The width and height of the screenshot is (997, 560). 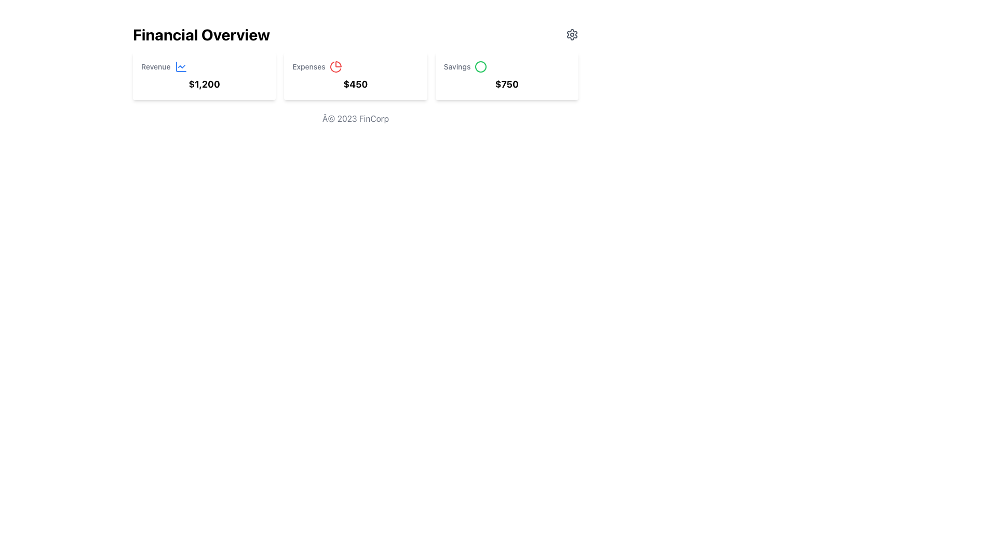 What do you see at coordinates (480, 66) in the screenshot?
I see `the visual indicator icon associated with the 'Savings' label located in the top-right section of the interface` at bounding box center [480, 66].